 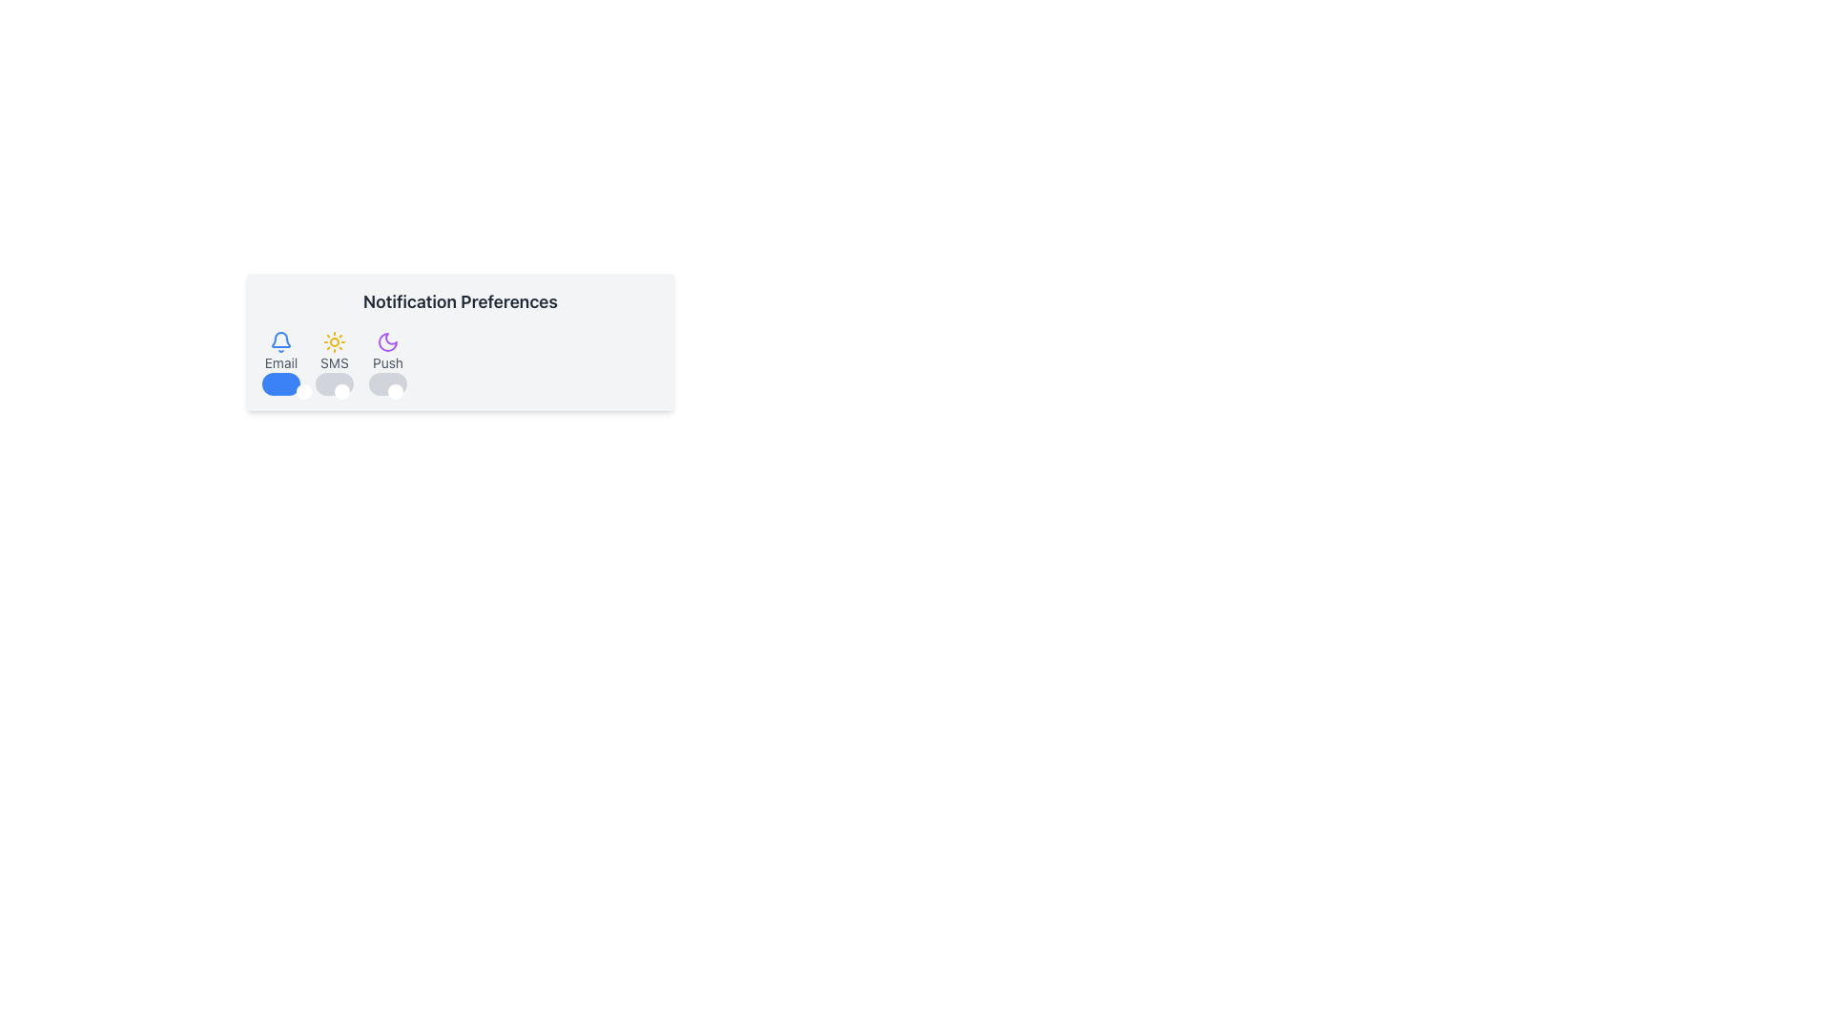 I want to click on the toggle switch for Email notifications located below the 'Email' label and icon in the 'Notification Preferences' section, so click(x=279, y=383).